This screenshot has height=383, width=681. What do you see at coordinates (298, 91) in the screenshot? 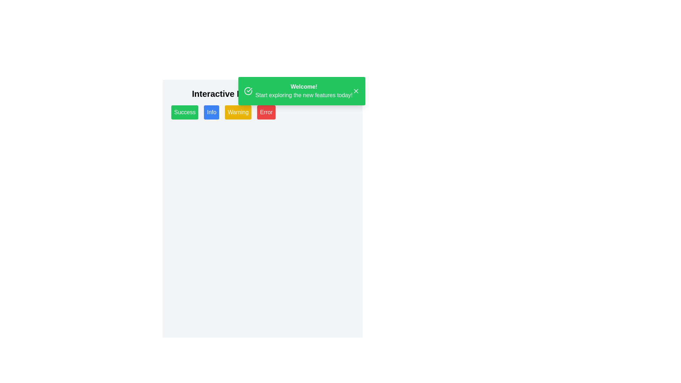
I see `the Message block located at the top-right section of the interface, which contains the text 'Welcome!' and 'Start exploring the new features today!' along with a circular checkmark icon` at bounding box center [298, 91].